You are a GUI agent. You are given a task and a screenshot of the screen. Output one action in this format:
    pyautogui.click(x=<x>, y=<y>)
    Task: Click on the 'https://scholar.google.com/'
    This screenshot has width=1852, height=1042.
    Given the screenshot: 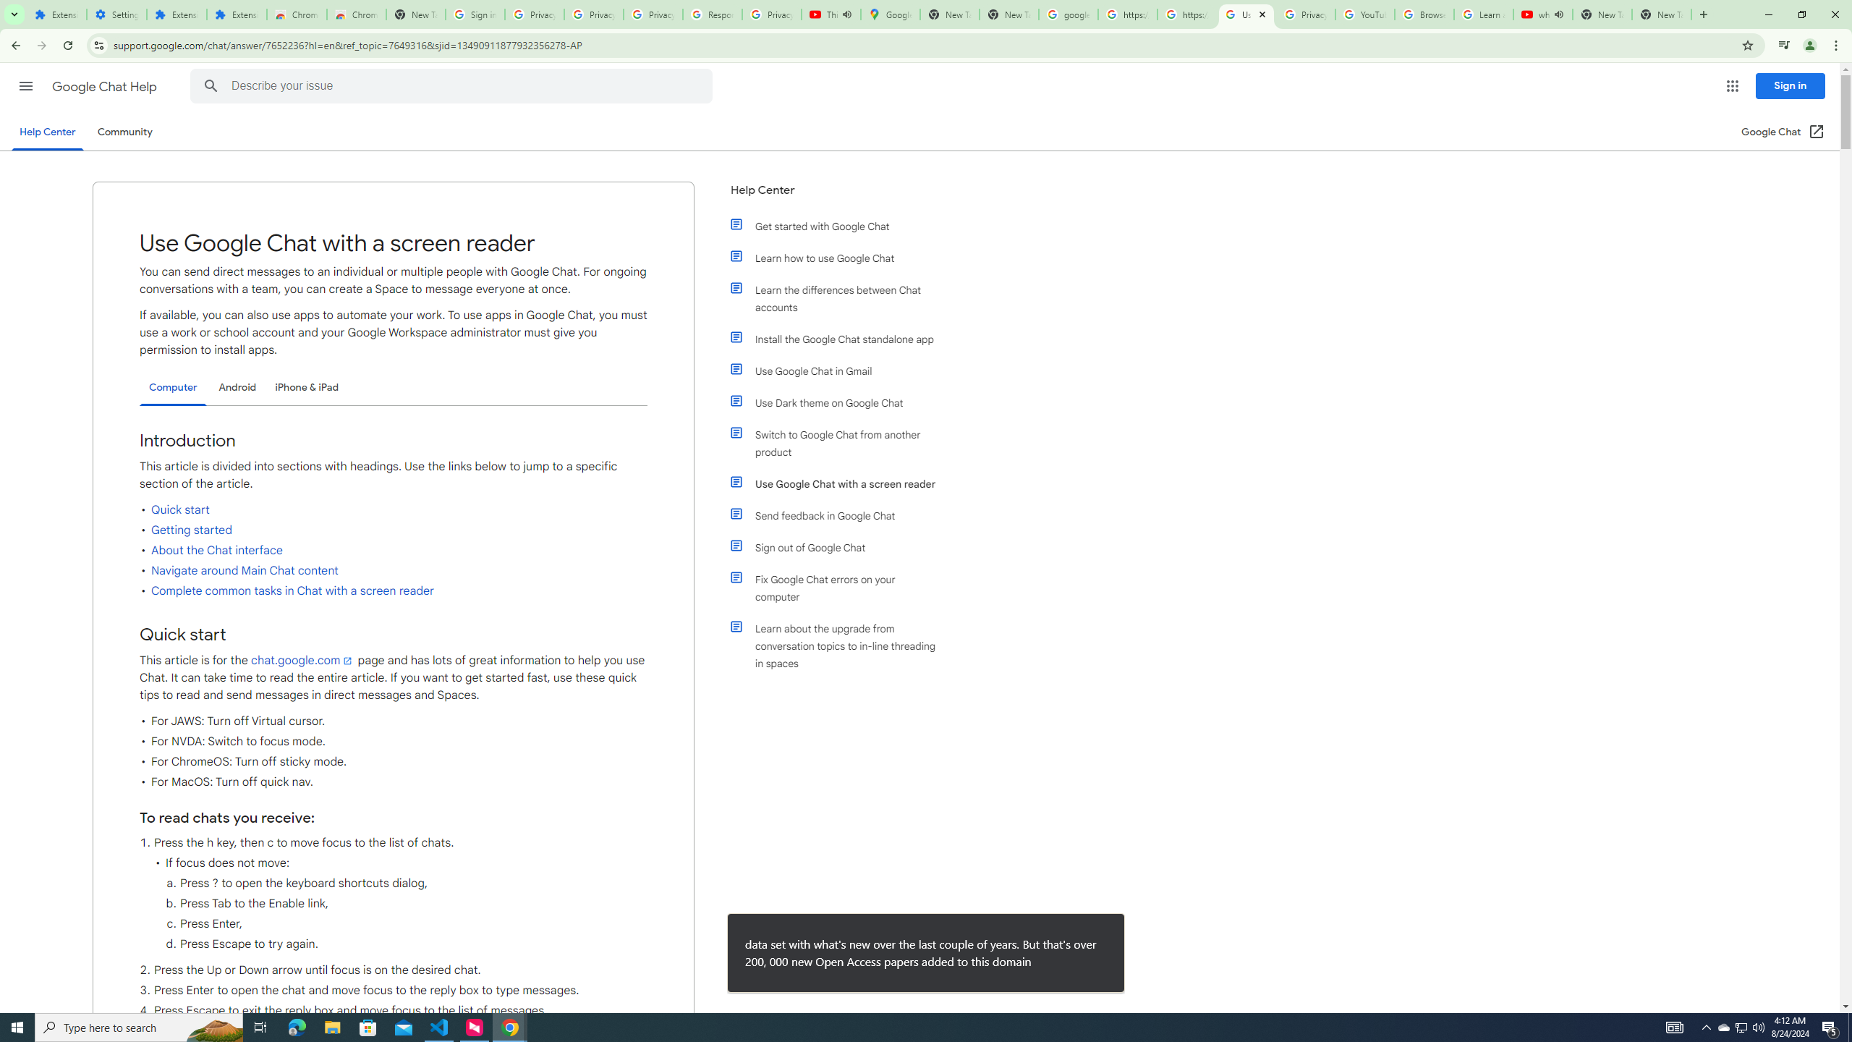 What is the action you would take?
    pyautogui.click(x=1127, y=14)
    